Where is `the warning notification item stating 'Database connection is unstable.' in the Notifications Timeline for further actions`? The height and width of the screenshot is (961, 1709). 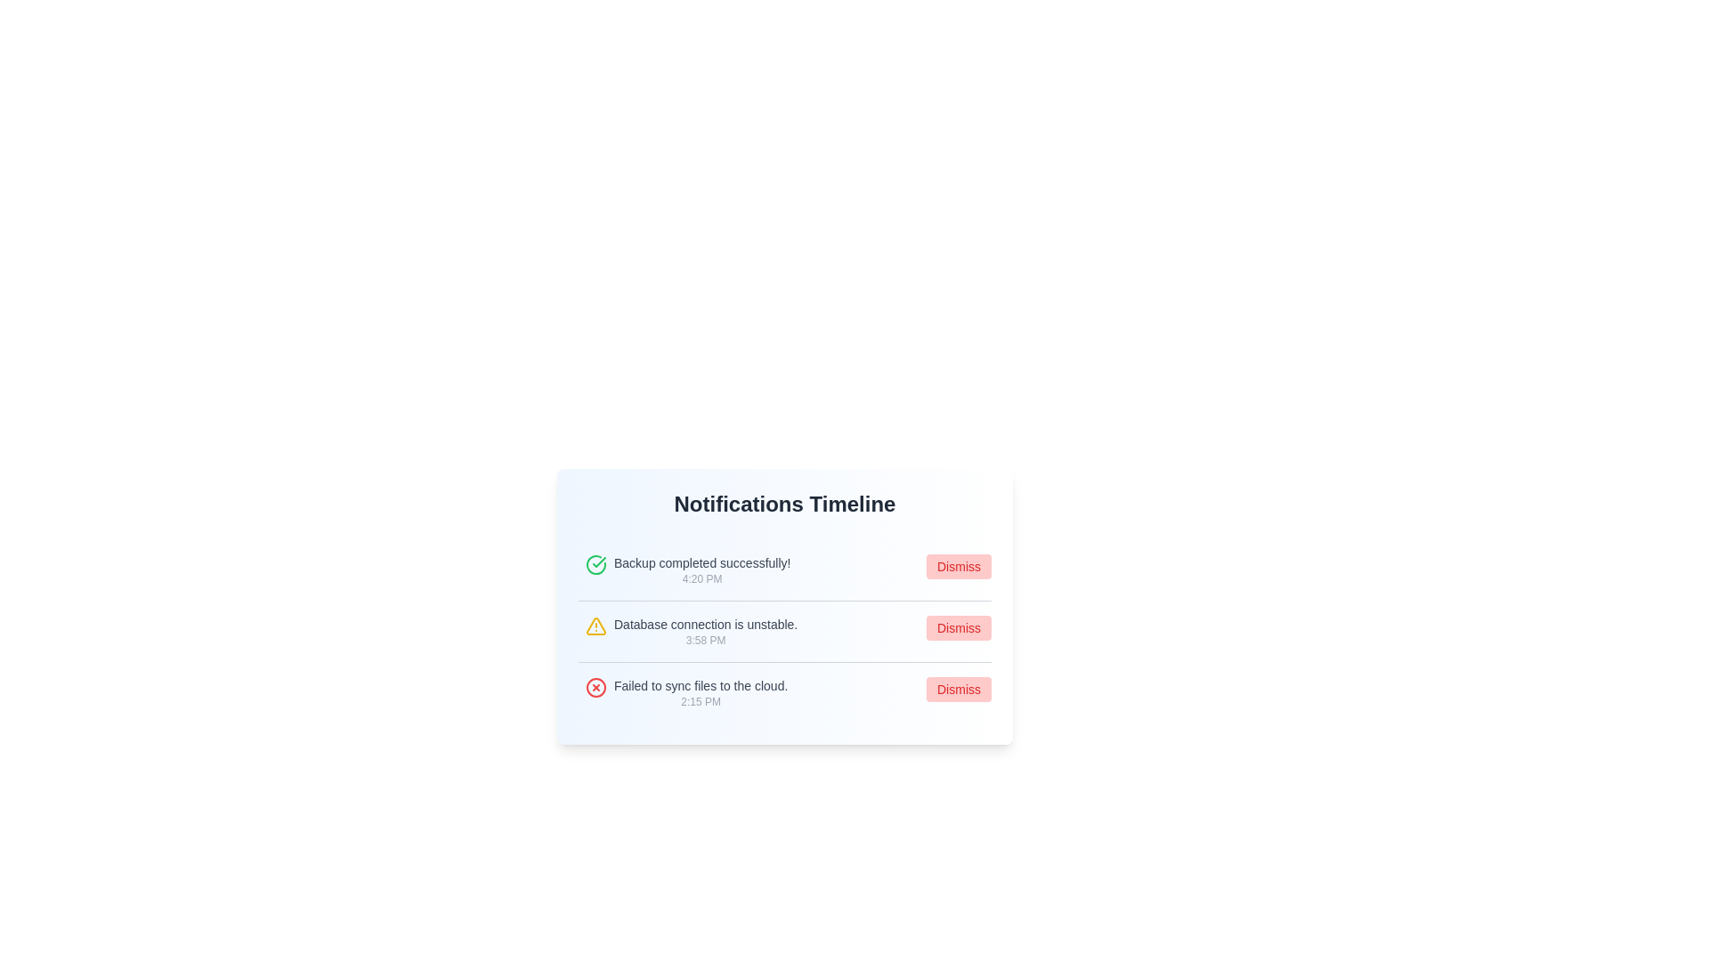 the warning notification item stating 'Database connection is unstable.' in the Notifications Timeline for further actions is located at coordinates (687, 630).